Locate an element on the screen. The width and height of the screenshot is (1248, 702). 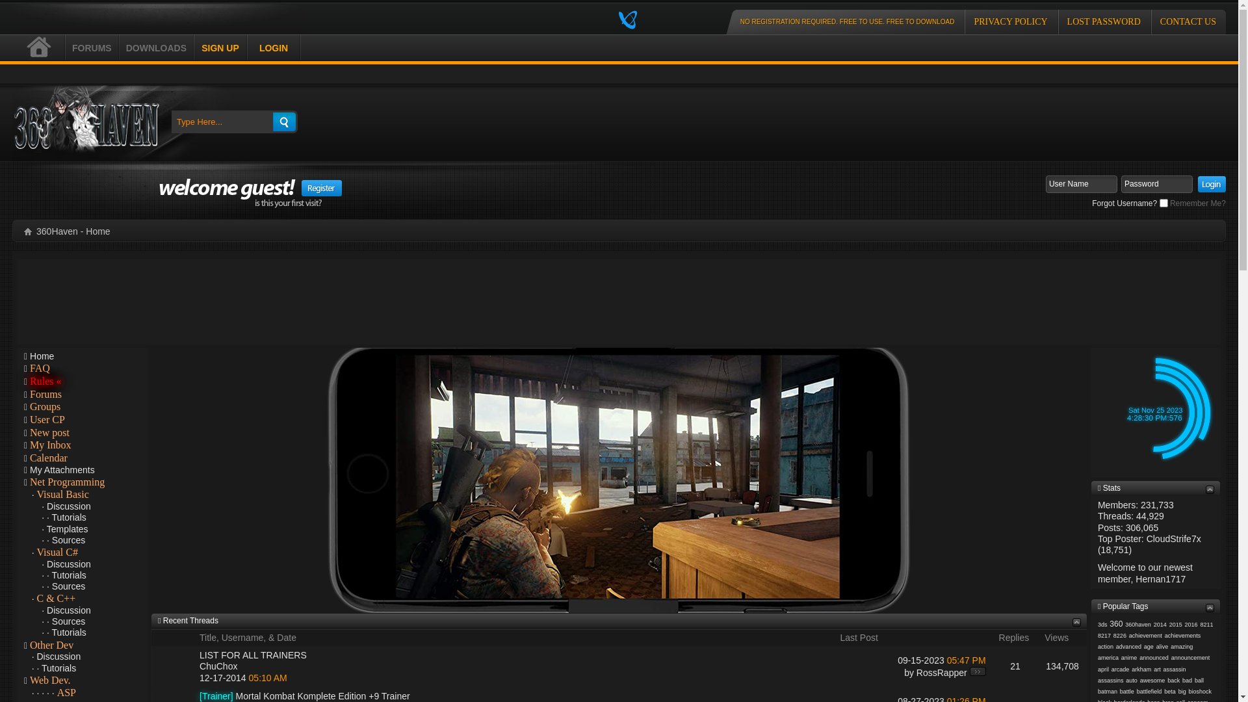
'Web Dev.' is located at coordinates (30, 679).